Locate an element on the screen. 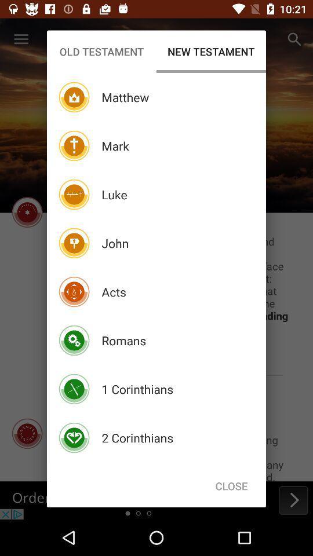 This screenshot has height=556, width=313. the icon below the john is located at coordinates (114, 291).